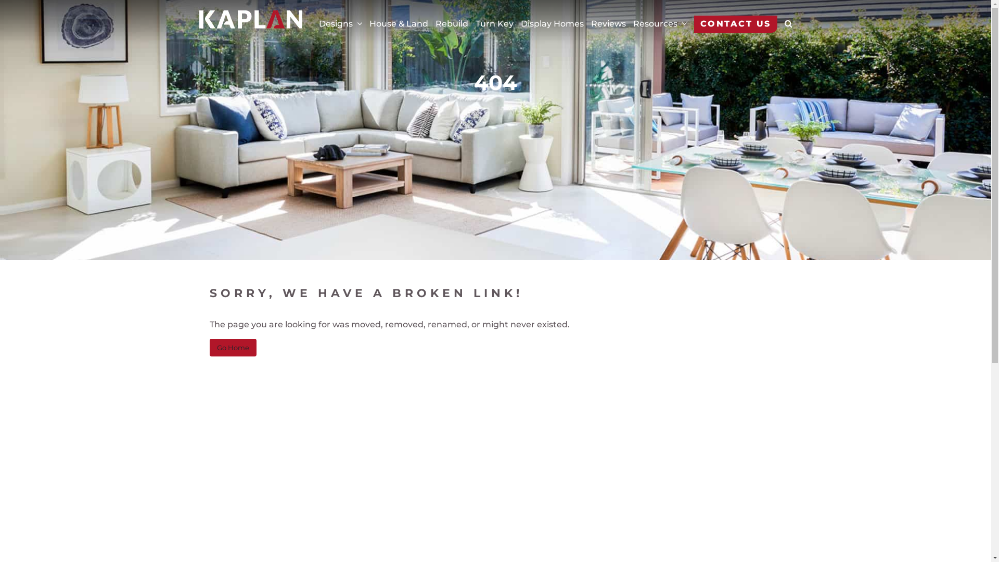 This screenshot has height=562, width=999. What do you see at coordinates (209, 347) in the screenshot?
I see `'Go Home'` at bounding box center [209, 347].